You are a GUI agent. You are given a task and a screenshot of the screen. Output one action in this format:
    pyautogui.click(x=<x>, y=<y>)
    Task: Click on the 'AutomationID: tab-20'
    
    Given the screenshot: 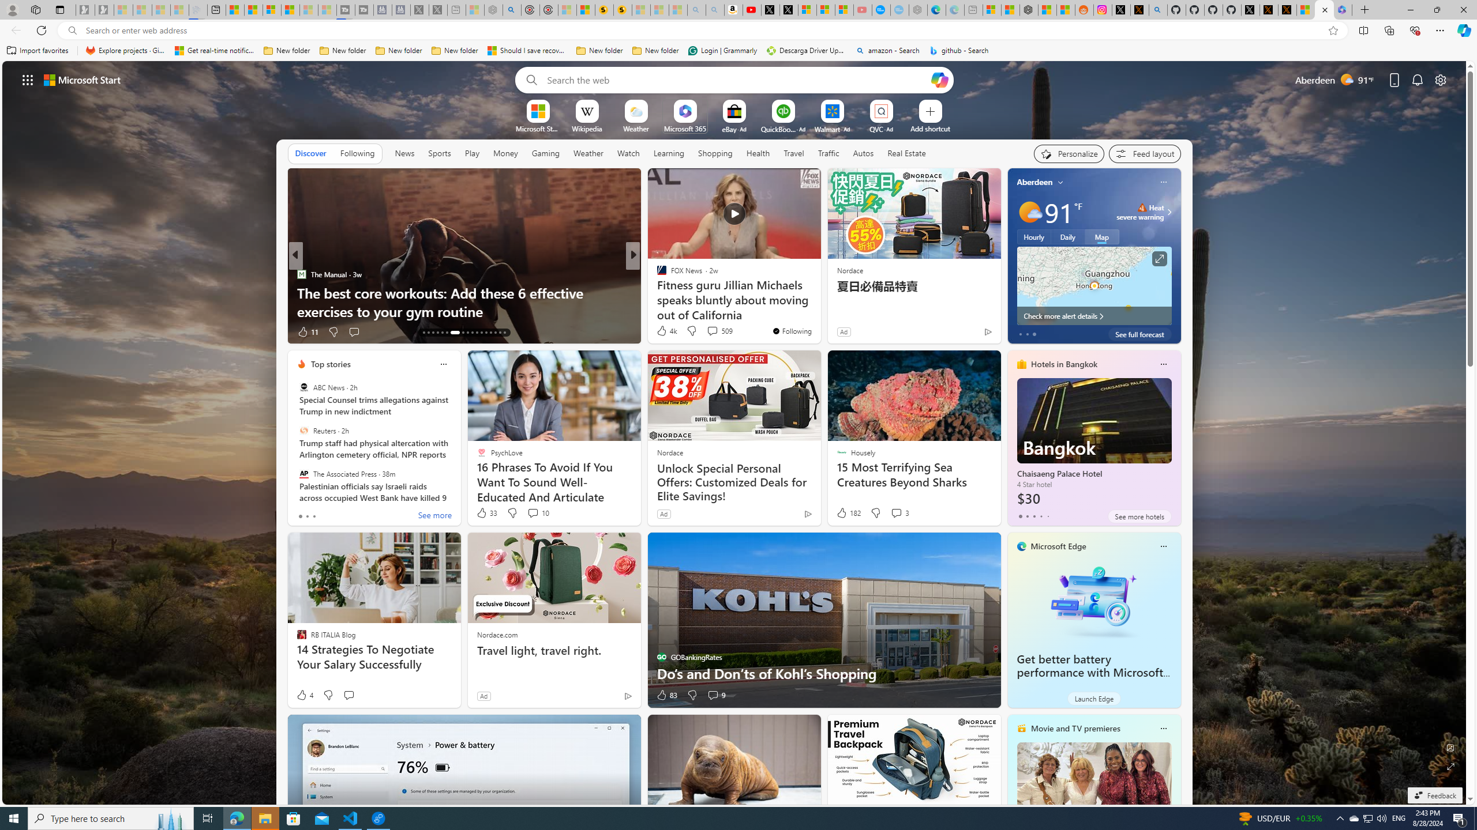 What is the action you would take?
    pyautogui.click(x=459, y=333)
    